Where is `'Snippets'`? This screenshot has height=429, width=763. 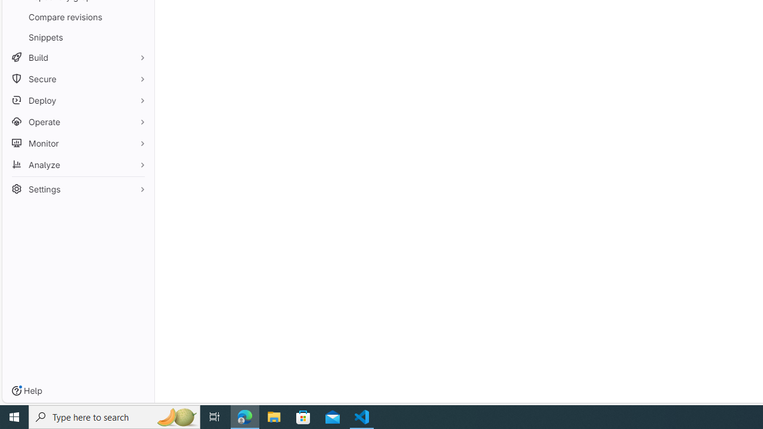
'Snippets' is located at coordinates (77, 36).